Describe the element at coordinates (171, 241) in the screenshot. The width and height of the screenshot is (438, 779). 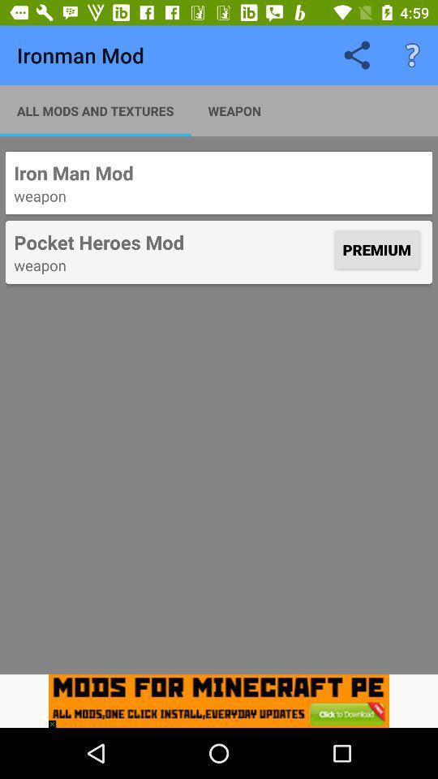
I see `the icon next to the premium` at that location.